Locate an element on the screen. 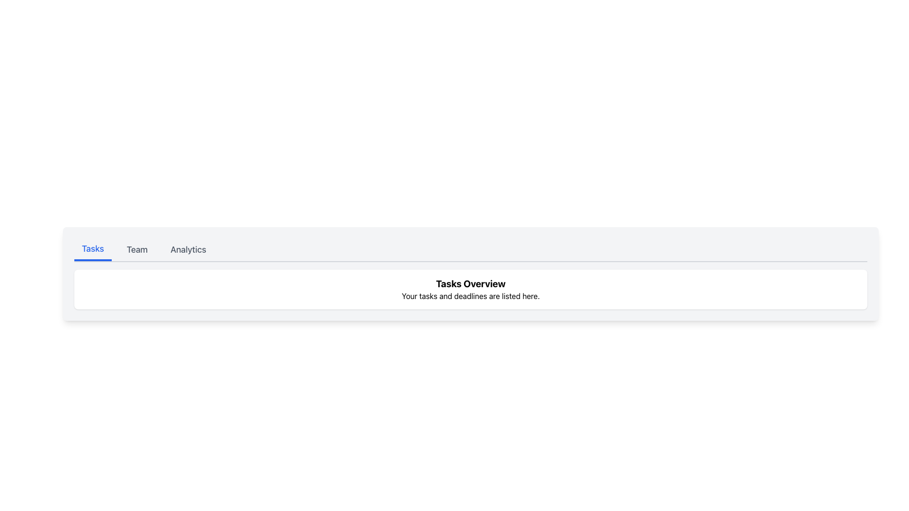 The width and height of the screenshot is (909, 511). the static text that reads 'Your tasks and deadlines are listed here.' located beneath the heading 'Tasks Overview.' is located at coordinates (471, 295).